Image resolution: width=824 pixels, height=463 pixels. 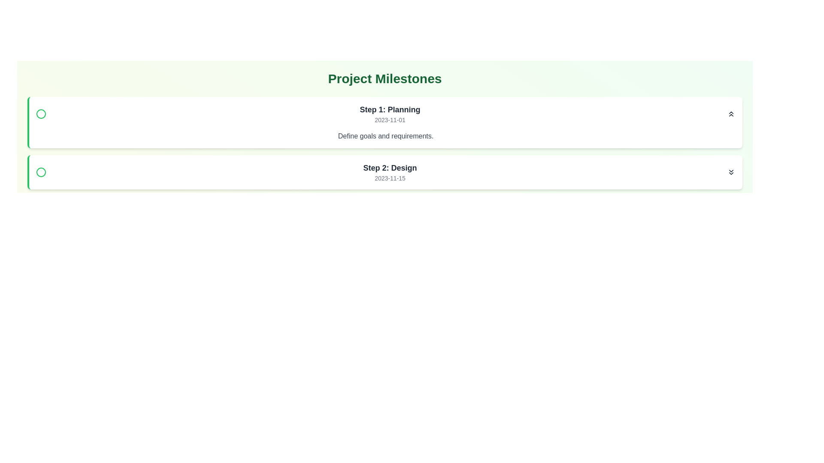 I want to click on the text label indicating 'Step 2: Design' in the 'Project Milestones' interface, so click(x=389, y=168).